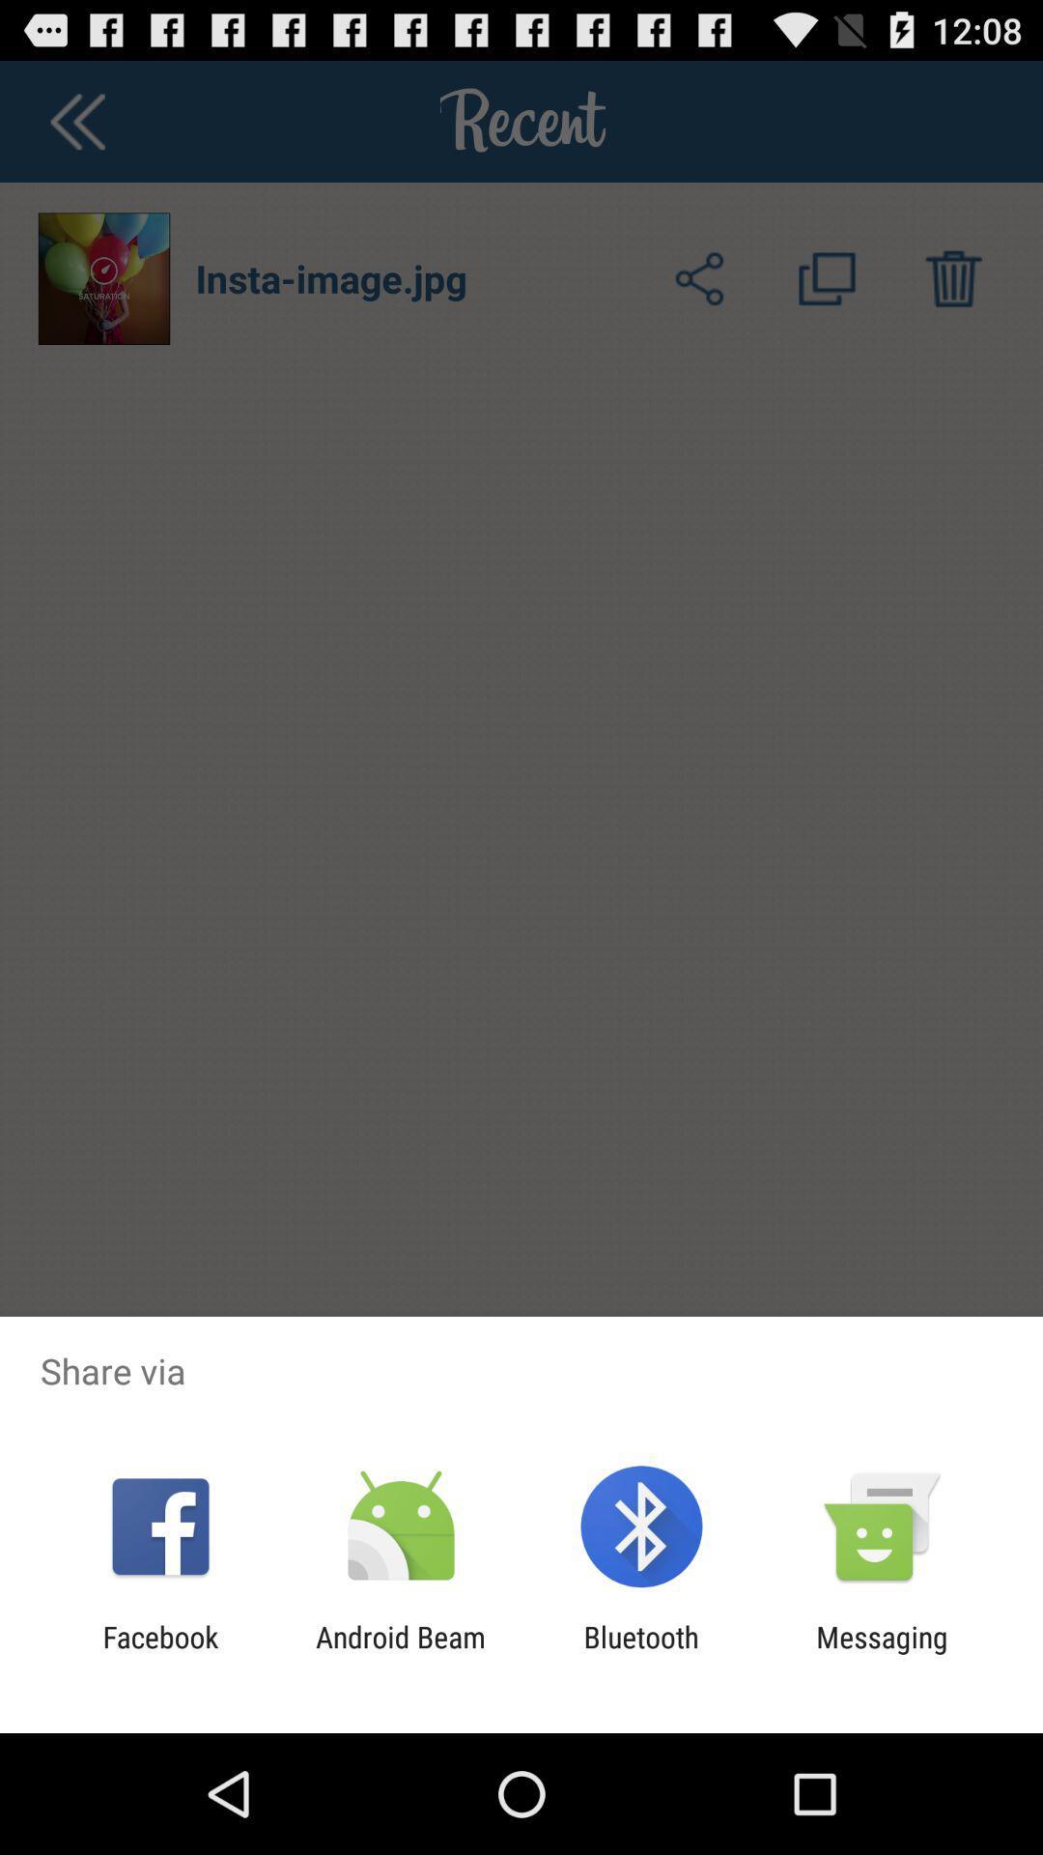 Image resolution: width=1043 pixels, height=1855 pixels. I want to click on the facebook item, so click(159, 1653).